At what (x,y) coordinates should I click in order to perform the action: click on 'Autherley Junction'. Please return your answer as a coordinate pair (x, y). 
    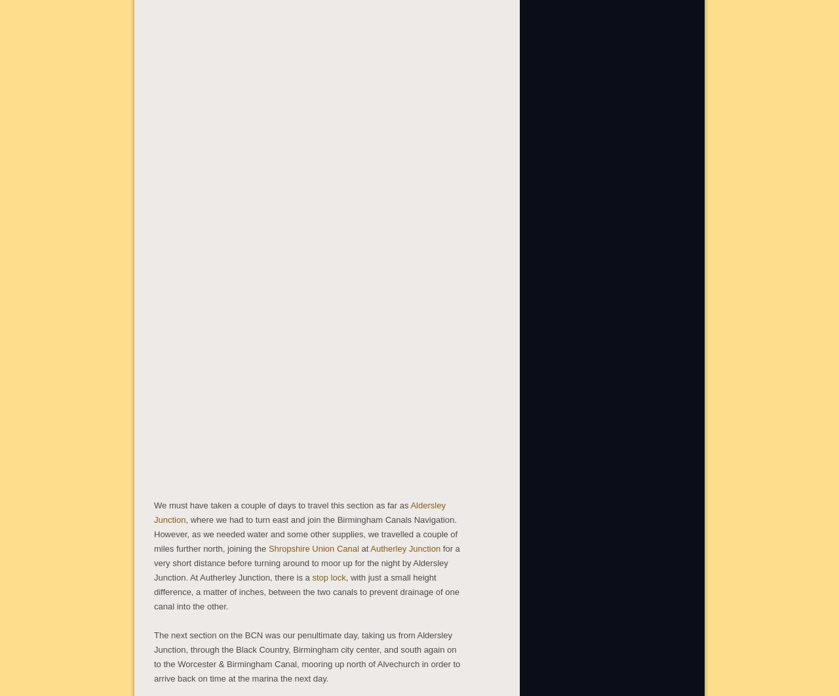
    Looking at the image, I should click on (404, 547).